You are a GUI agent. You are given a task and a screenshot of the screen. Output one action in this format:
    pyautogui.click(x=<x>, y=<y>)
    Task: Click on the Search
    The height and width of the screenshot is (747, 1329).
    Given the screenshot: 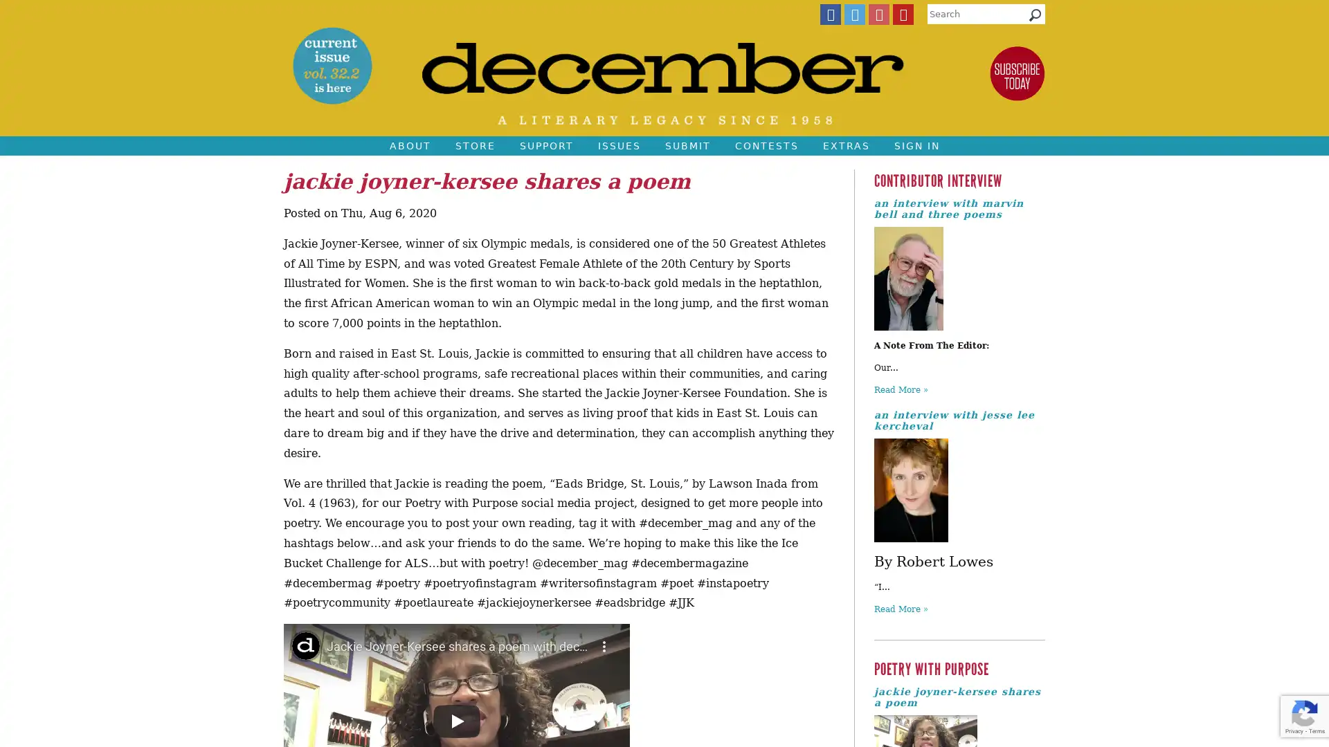 What is the action you would take?
    pyautogui.click(x=1035, y=18)
    